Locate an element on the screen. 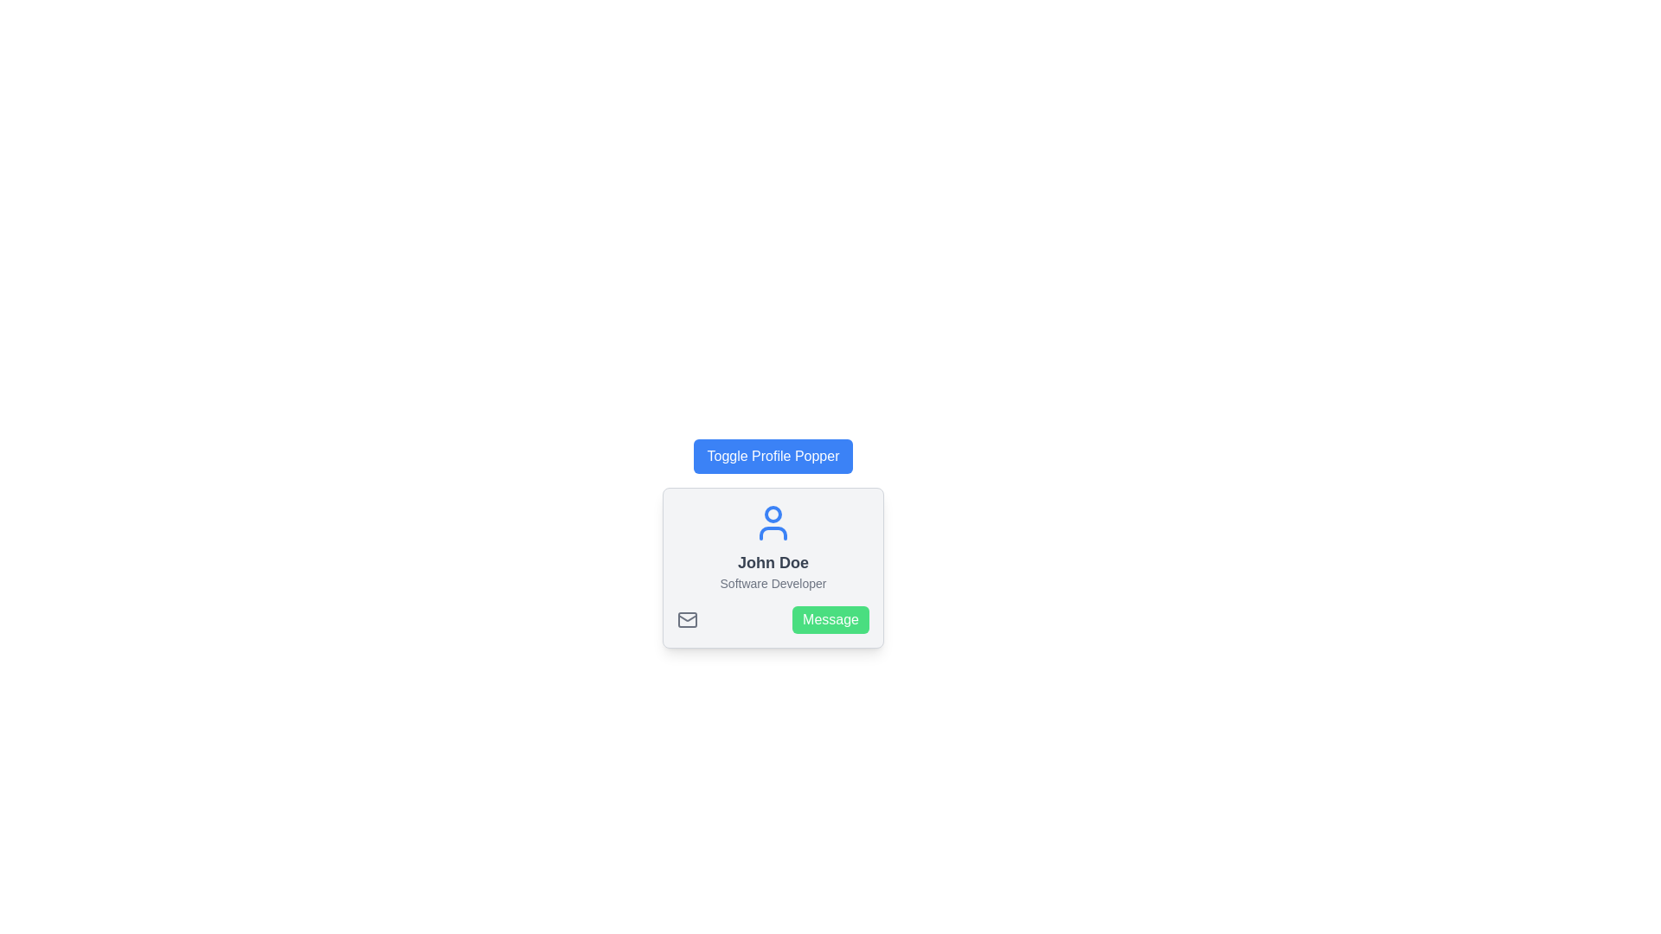 The height and width of the screenshot is (934, 1661). the Profile Card that features a light gray background with rounded corners, a blue user icon at the top, and a green 'Message' button at the bottom right is located at coordinates (772, 567).